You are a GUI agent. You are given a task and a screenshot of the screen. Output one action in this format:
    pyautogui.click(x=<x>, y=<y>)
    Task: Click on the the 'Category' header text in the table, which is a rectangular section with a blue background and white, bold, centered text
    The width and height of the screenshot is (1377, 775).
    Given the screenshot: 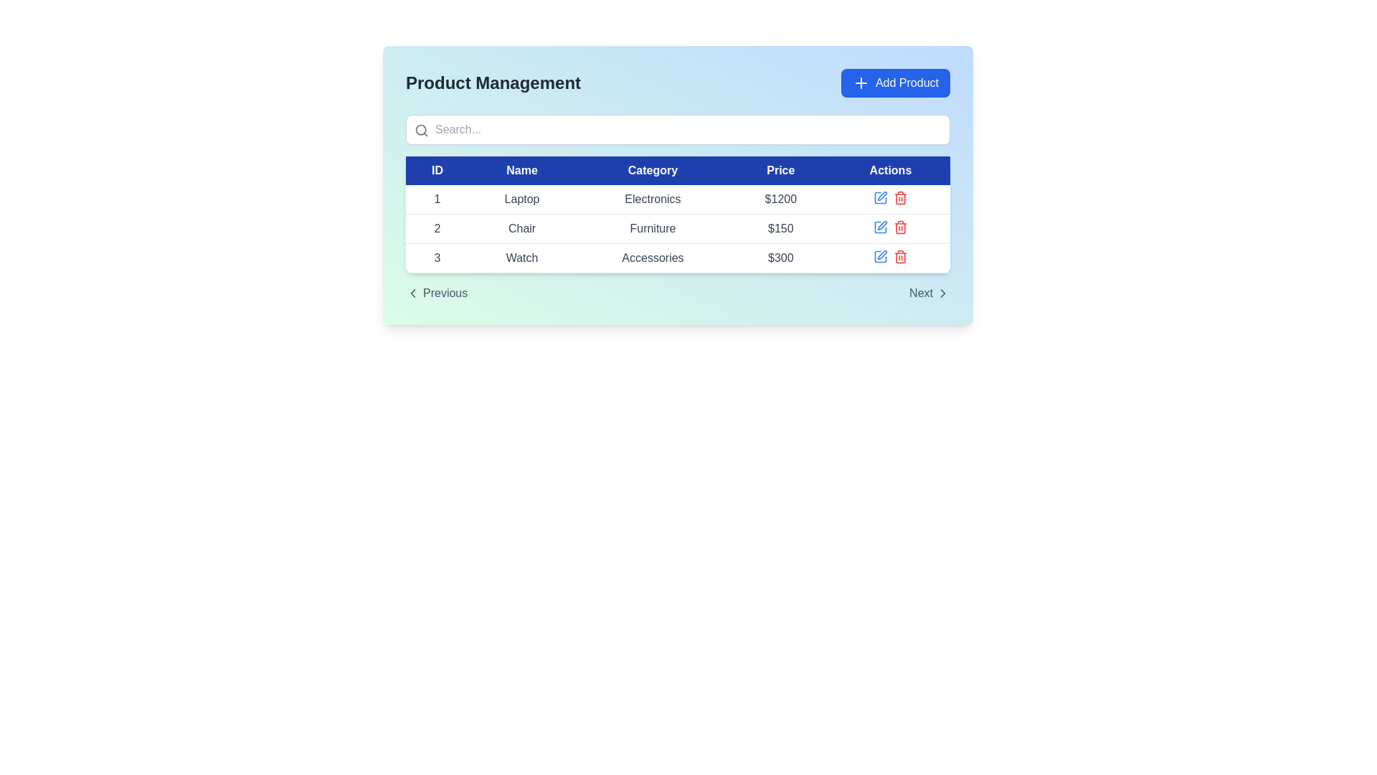 What is the action you would take?
    pyautogui.click(x=652, y=170)
    